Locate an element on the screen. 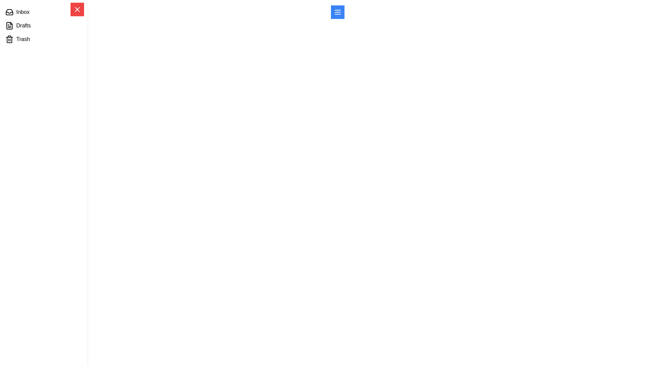 The image size is (651, 366). the menu item labeled Trash is located at coordinates (43, 39).